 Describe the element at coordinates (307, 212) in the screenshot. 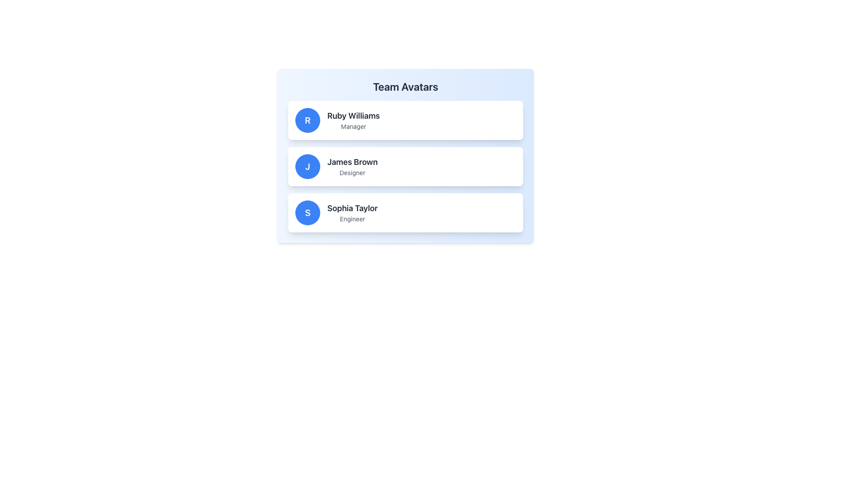

I see `the Avatar or Badge representing user 'Sophia Taylor', which serves as a visual marker in the list of users` at that location.